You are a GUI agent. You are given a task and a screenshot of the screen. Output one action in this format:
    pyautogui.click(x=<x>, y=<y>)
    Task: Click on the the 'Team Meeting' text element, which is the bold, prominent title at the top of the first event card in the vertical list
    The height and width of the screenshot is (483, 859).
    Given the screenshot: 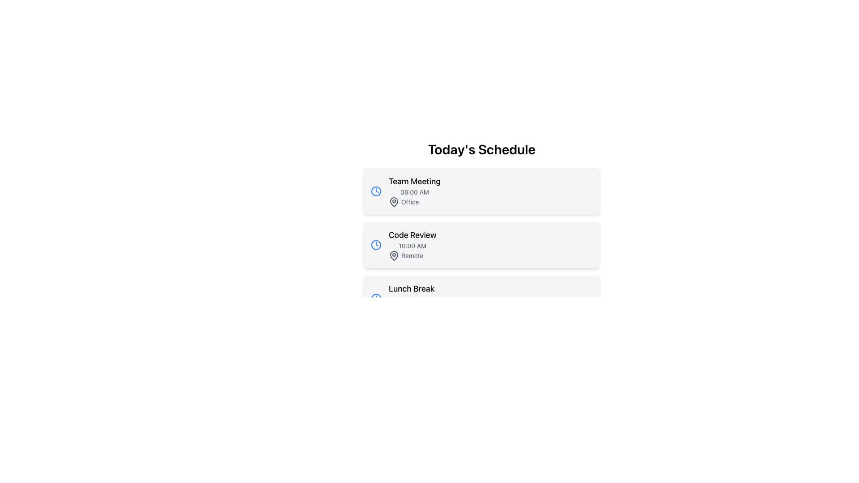 What is the action you would take?
    pyautogui.click(x=414, y=181)
    